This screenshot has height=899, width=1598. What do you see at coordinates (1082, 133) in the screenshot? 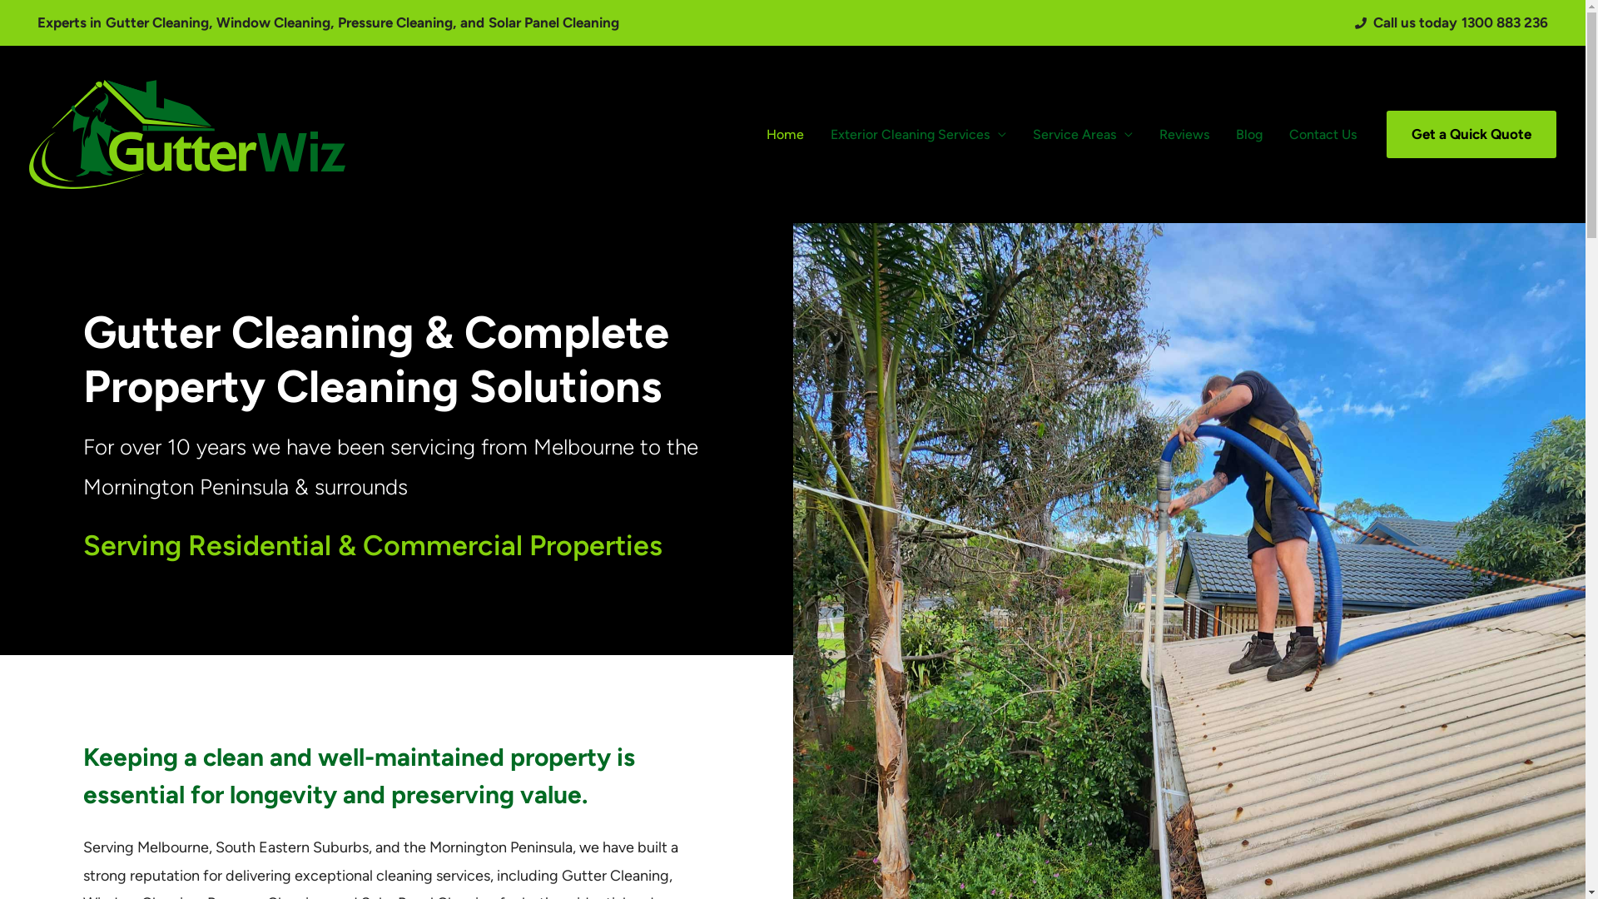
I see `'Service Areas'` at bounding box center [1082, 133].